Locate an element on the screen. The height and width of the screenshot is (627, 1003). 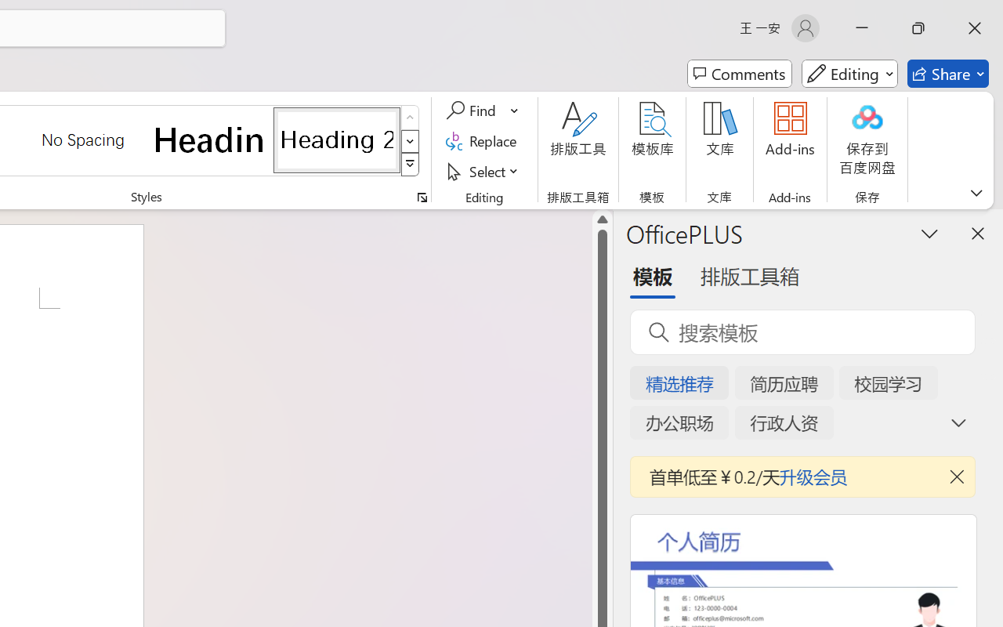
'Mode' is located at coordinates (849, 74).